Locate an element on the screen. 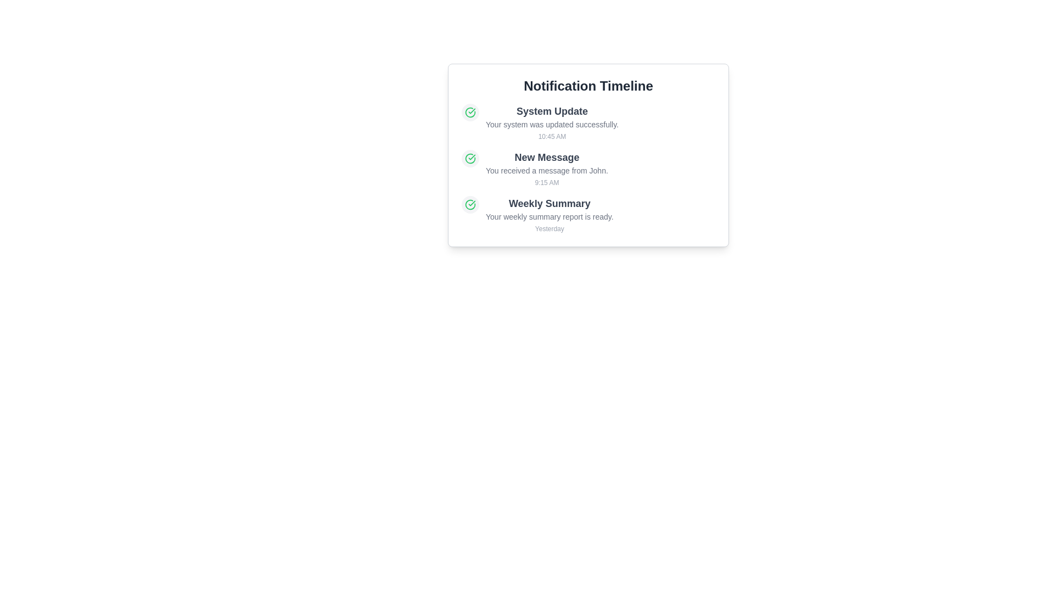 The image size is (1054, 593). the first circular icon with a green outlined checkmark in the timeline interface, located to the left of the 'System Update' notification text is located at coordinates (470, 159).